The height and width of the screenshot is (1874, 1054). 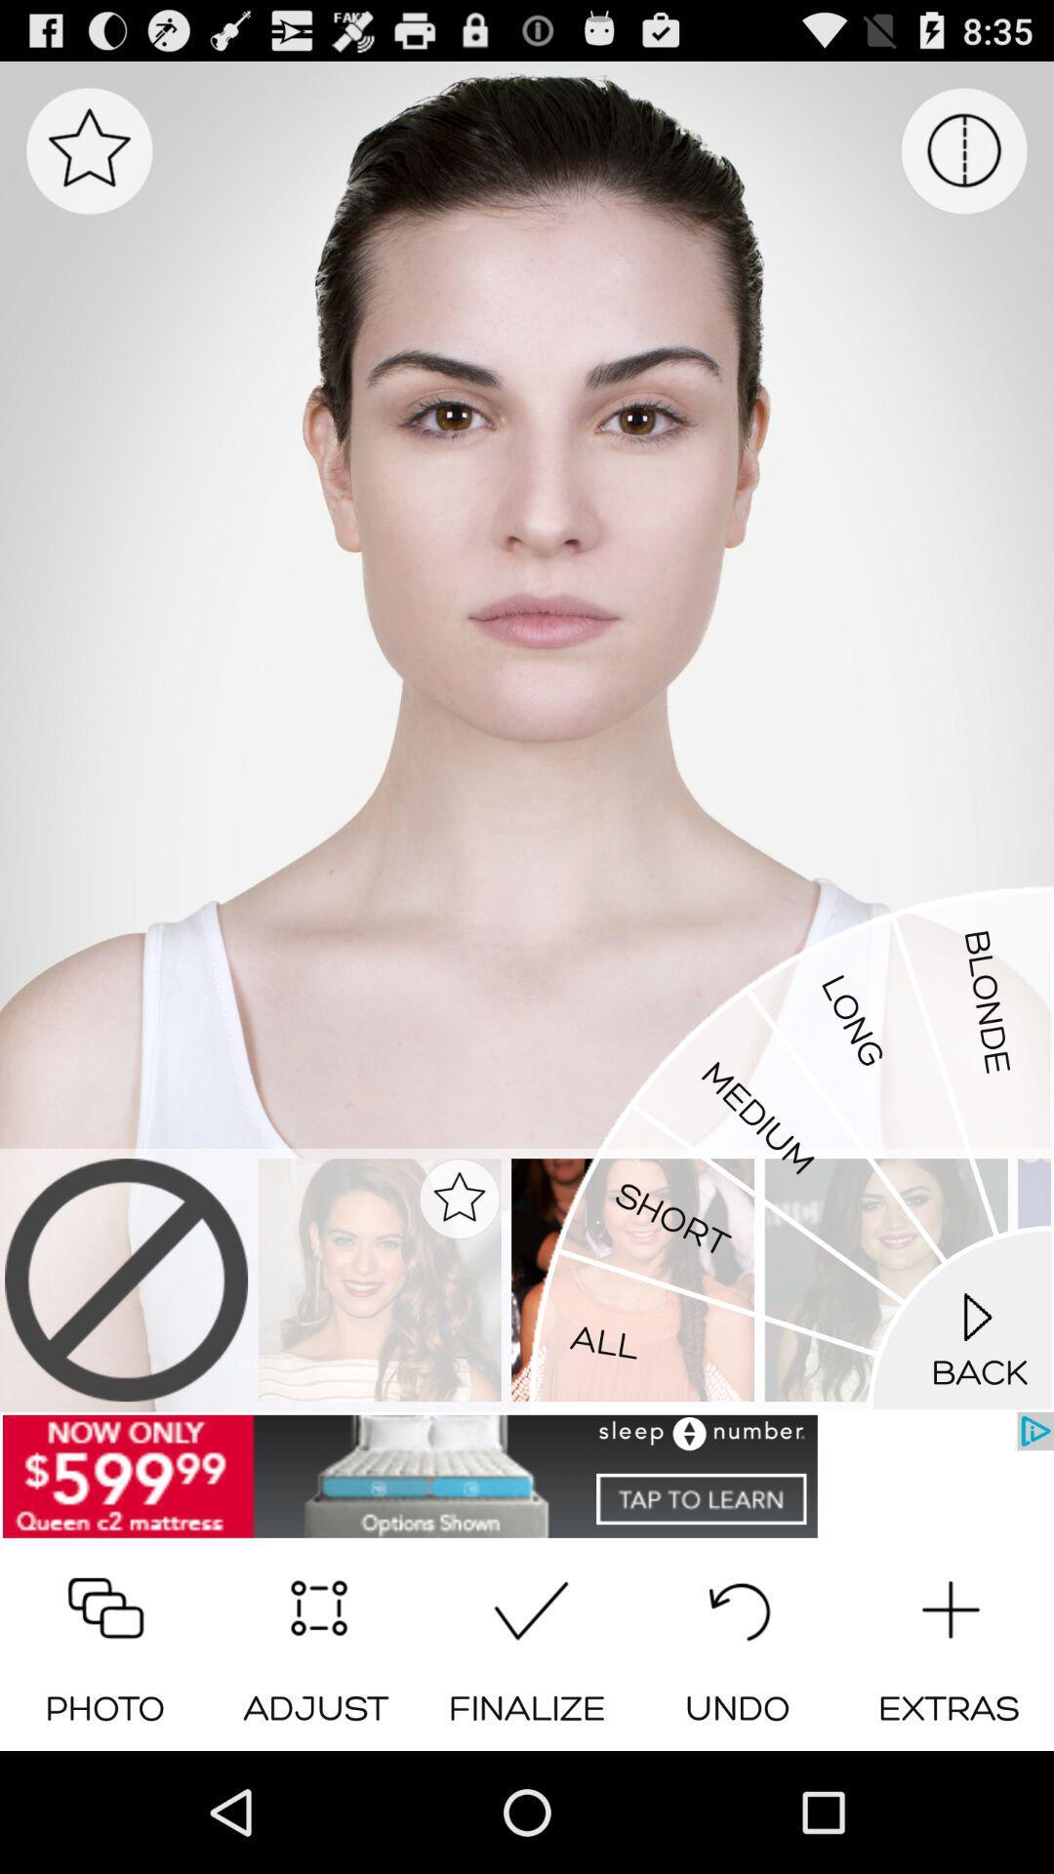 What do you see at coordinates (790, 1148) in the screenshot?
I see `item on the right` at bounding box center [790, 1148].